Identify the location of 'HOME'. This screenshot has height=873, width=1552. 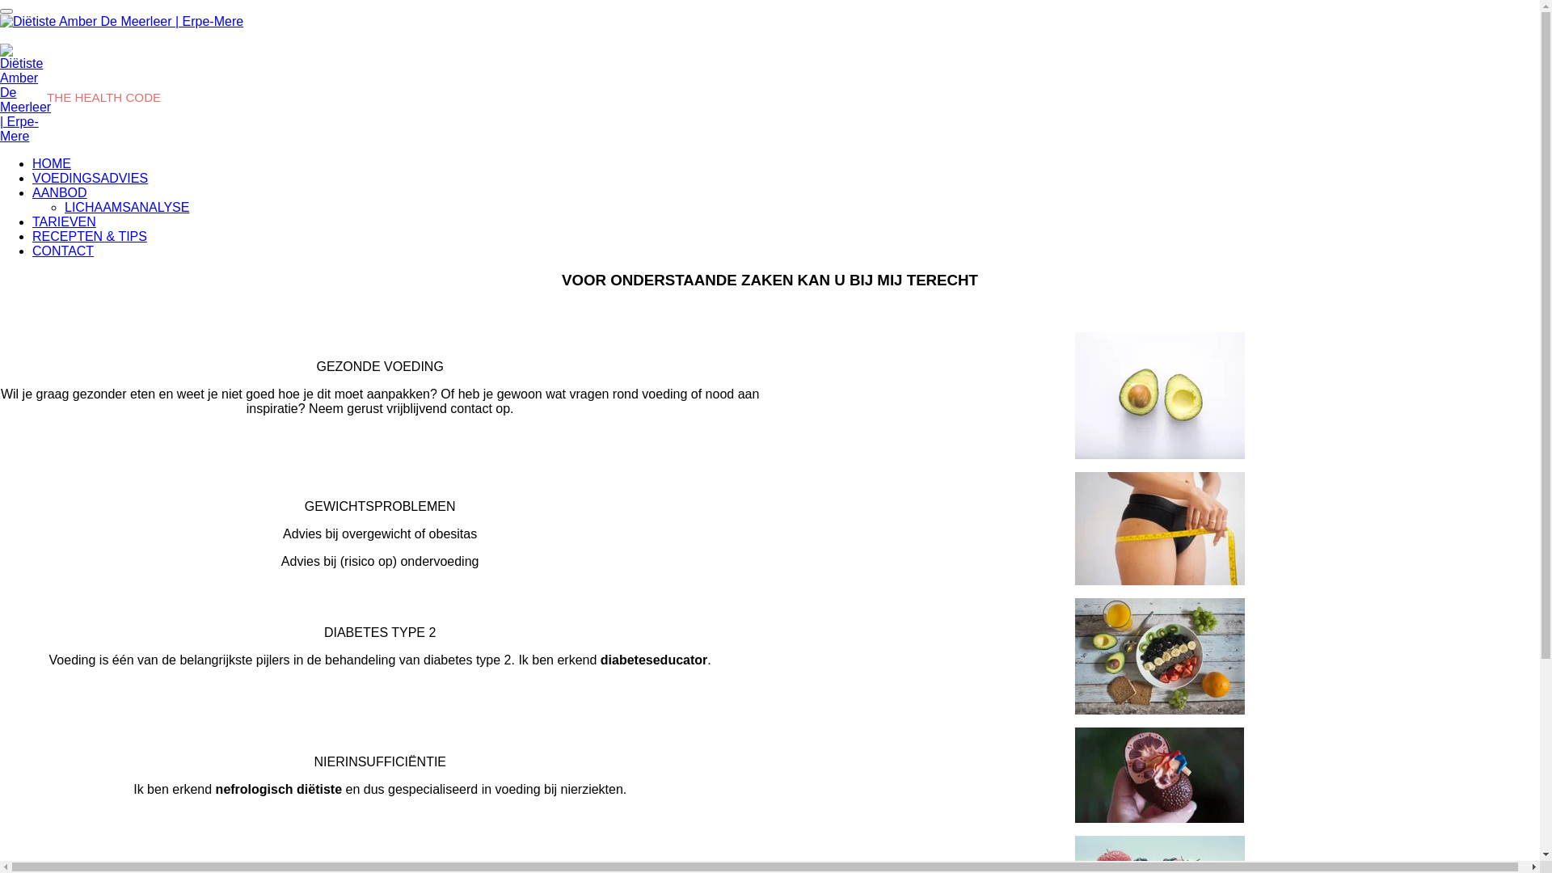
(51, 163).